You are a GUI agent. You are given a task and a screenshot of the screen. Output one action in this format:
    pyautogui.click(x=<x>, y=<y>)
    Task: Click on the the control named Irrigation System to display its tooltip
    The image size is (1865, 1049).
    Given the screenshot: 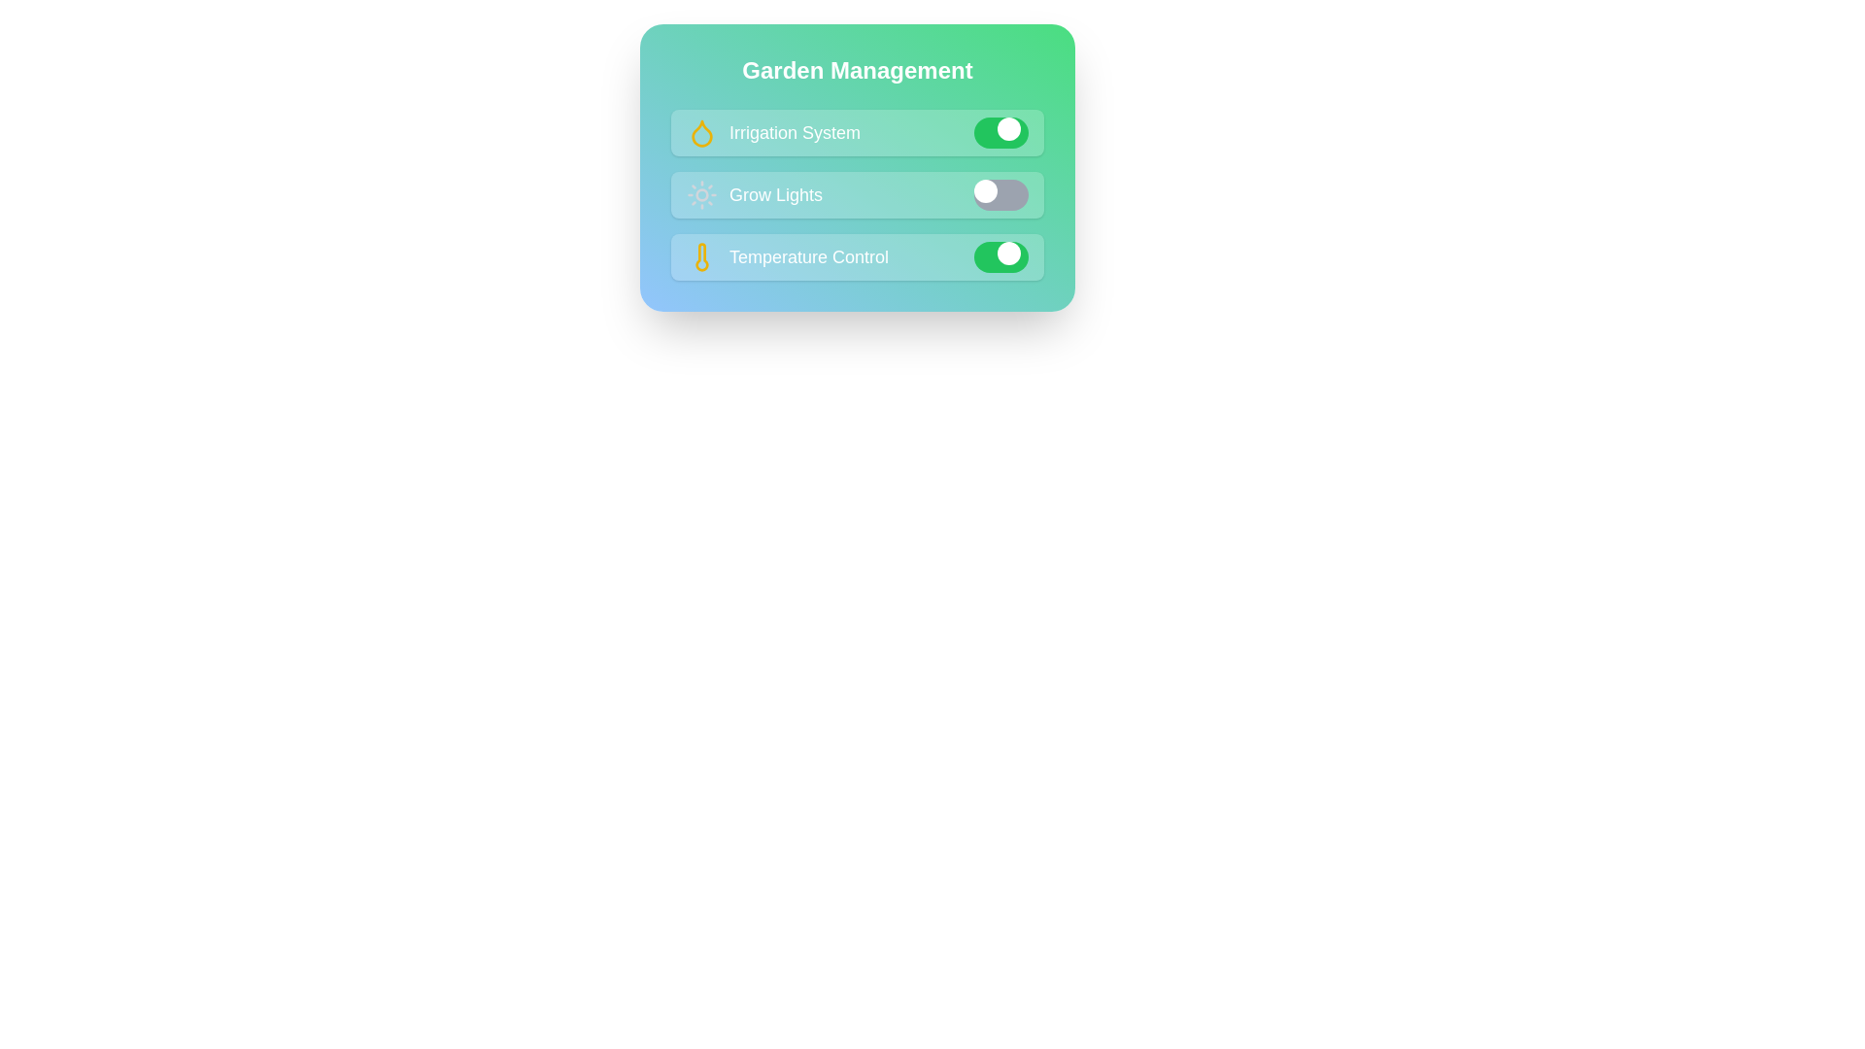 What is the action you would take?
    pyautogui.click(x=857, y=132)
    